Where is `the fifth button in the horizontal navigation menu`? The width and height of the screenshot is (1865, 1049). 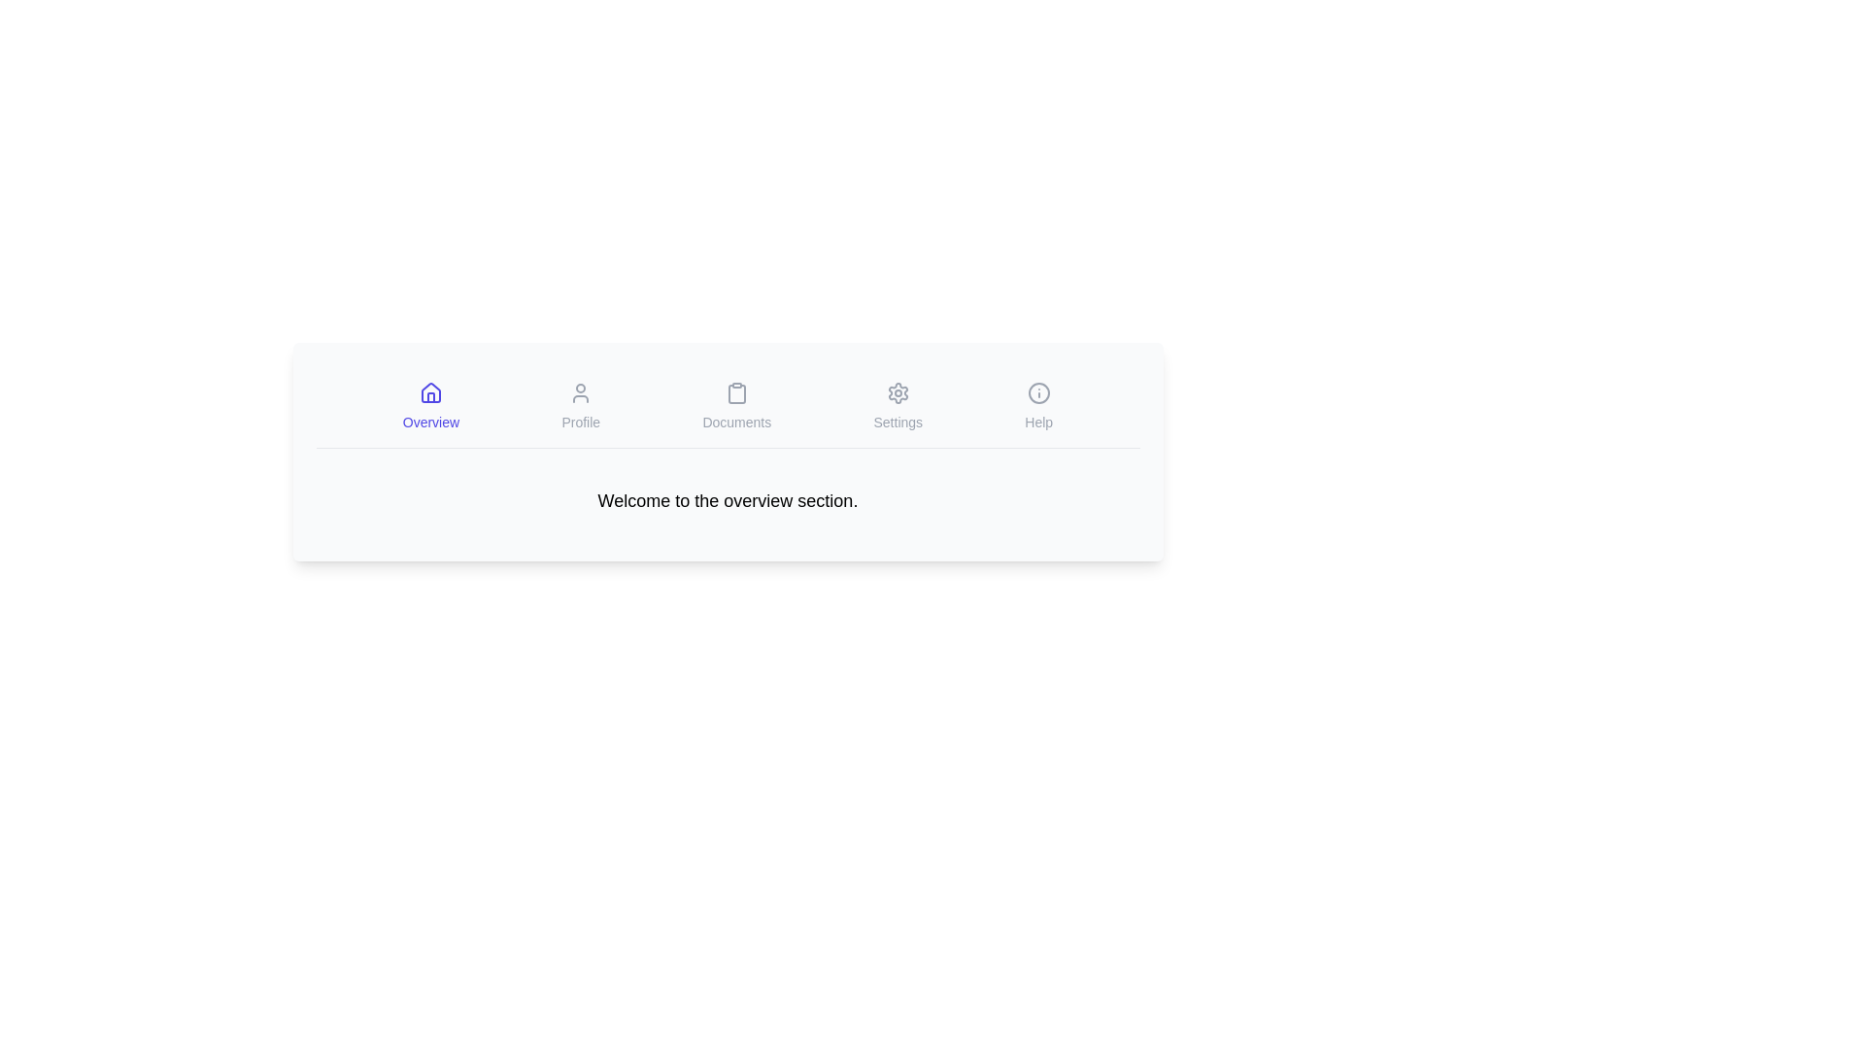
the fifth button in the horizontal navigation menu is located at coordinates (1037, 406).